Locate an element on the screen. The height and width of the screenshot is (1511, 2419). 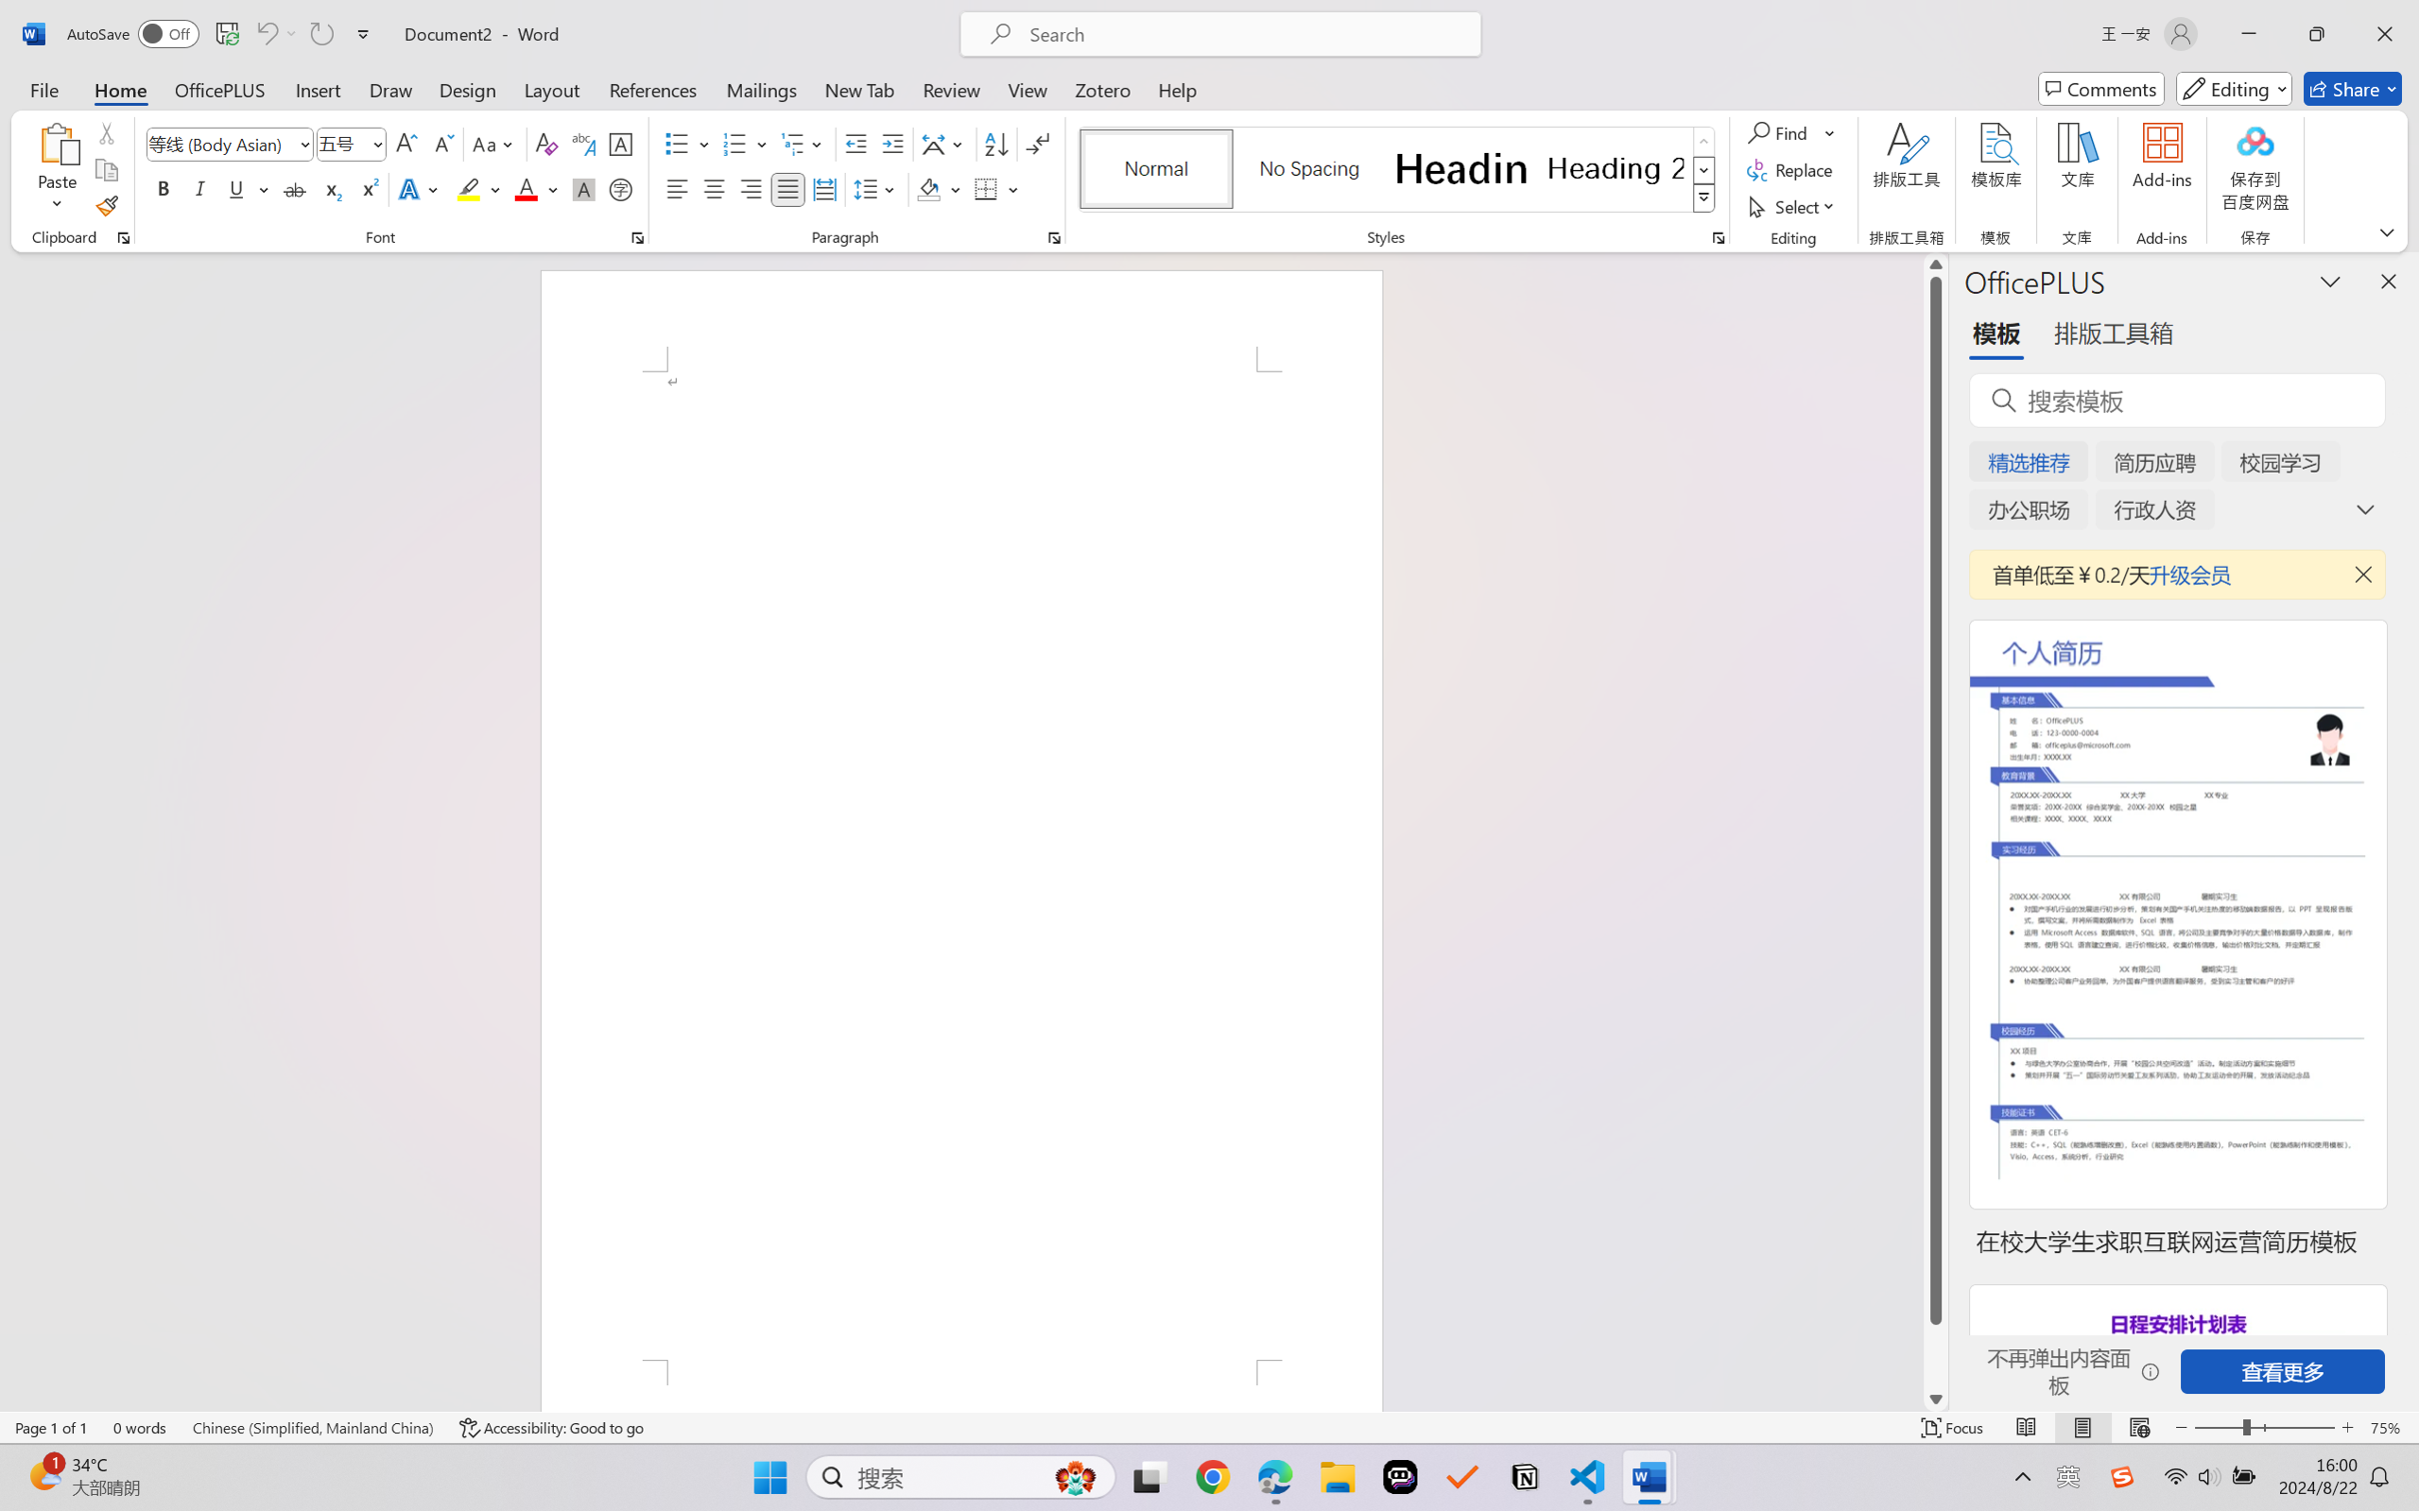
'Italic' is located at coordinates (199, 188).